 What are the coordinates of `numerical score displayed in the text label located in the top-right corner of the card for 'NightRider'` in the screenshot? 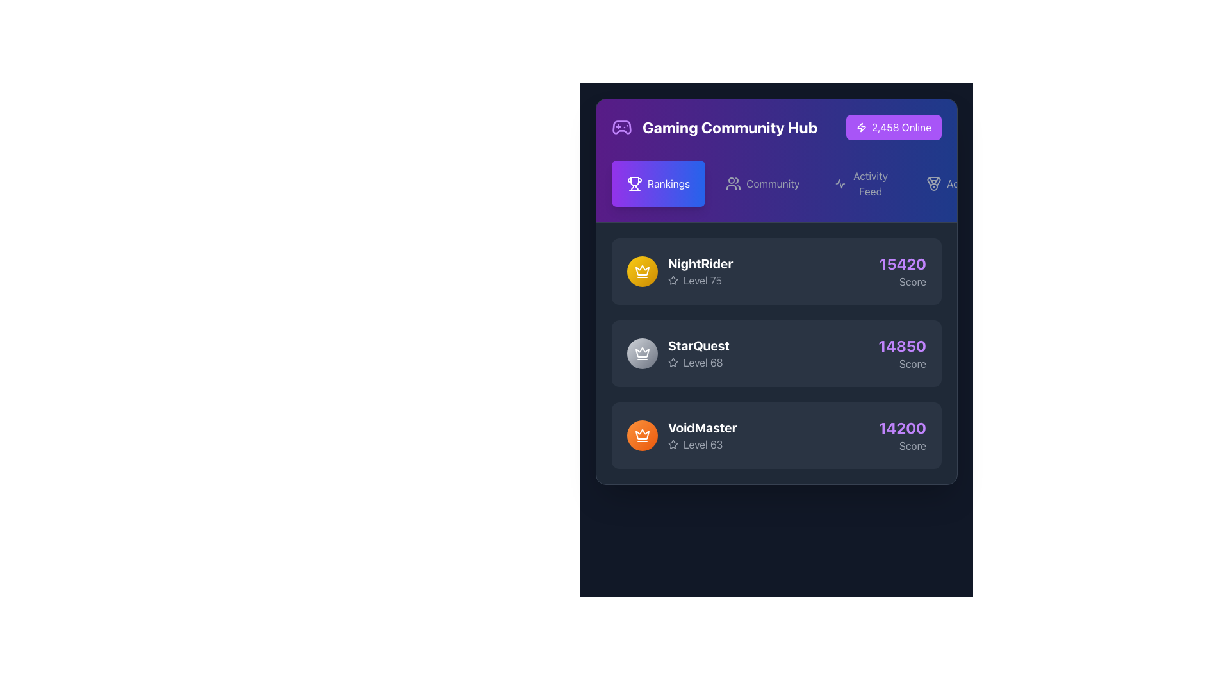 It's located at (902, 263).